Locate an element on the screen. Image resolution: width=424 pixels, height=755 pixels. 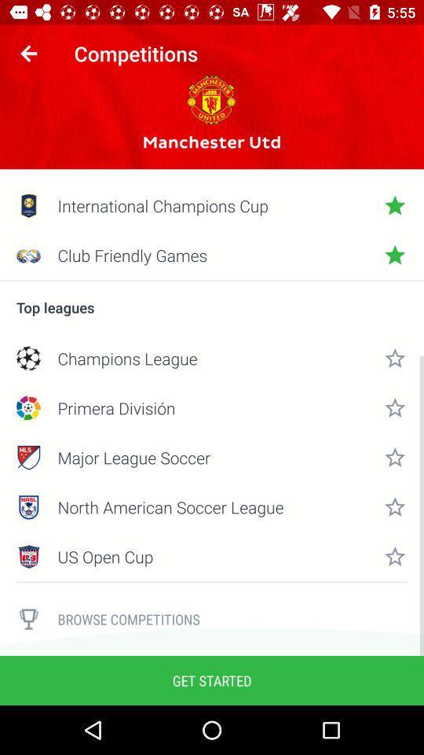
icon above browse competitions item is located at coordinates (212, 581).